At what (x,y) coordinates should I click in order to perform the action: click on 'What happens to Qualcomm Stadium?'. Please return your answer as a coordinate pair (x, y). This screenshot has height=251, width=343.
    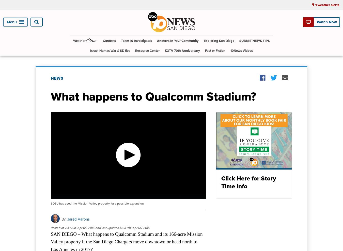
    Looking at the image, I should click on (153, 96).